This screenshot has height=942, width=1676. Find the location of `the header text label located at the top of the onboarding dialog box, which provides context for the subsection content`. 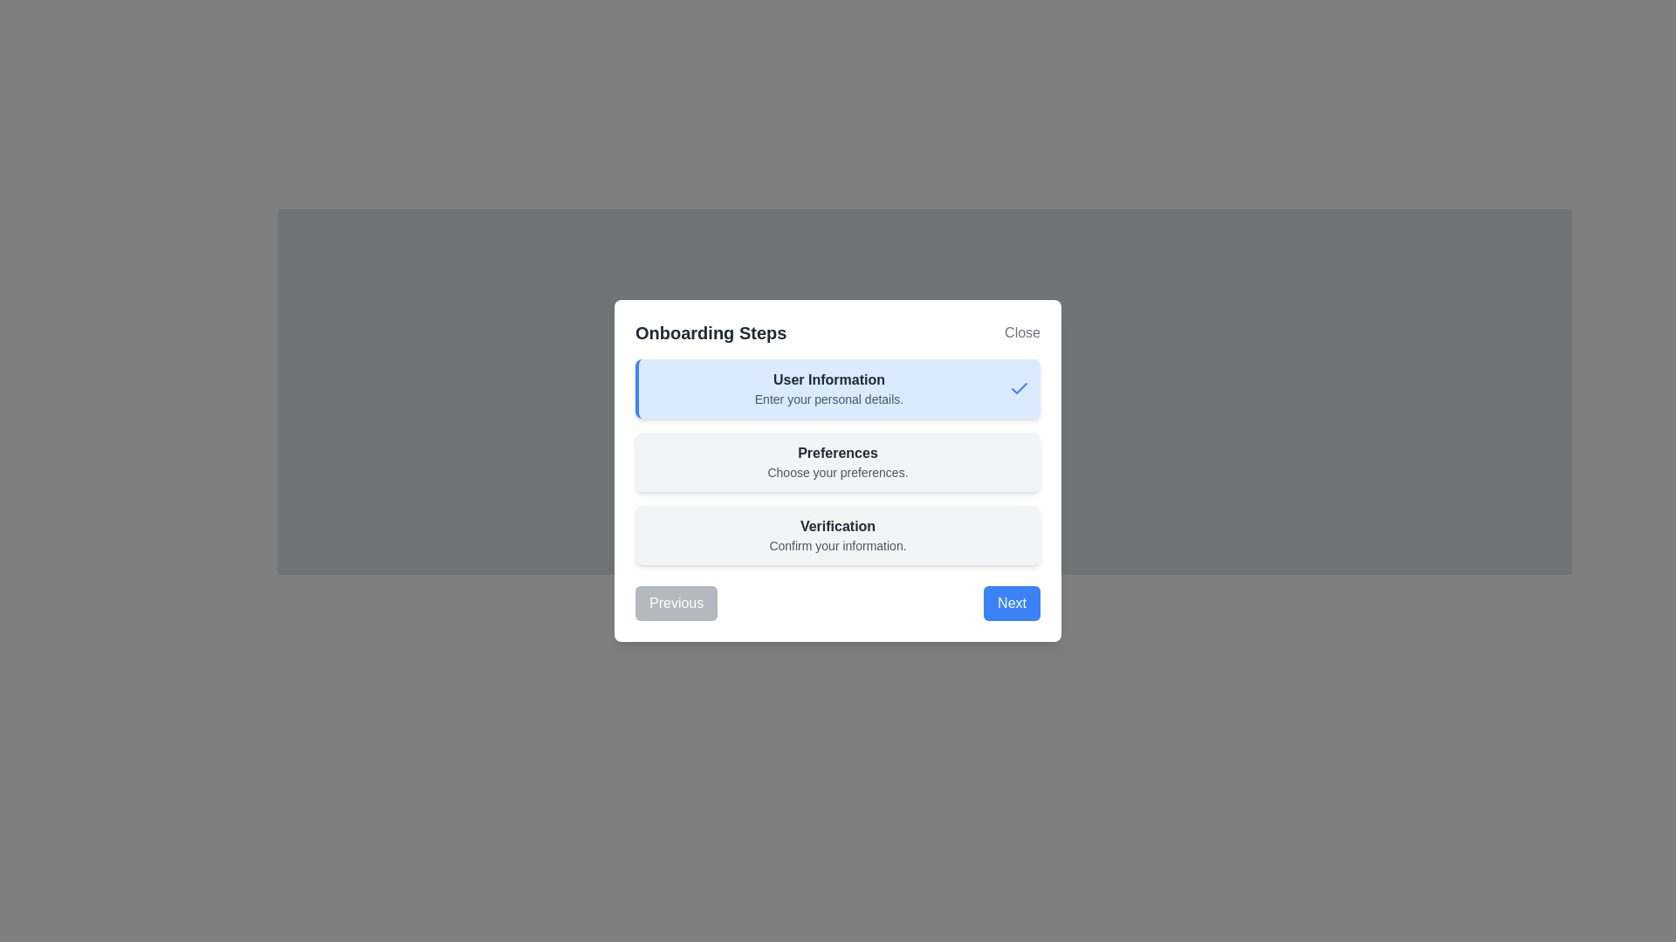

the header text label located at the top of the onboarding dialog box, which provides context for the subsection content is located at coordinates (828, 379).